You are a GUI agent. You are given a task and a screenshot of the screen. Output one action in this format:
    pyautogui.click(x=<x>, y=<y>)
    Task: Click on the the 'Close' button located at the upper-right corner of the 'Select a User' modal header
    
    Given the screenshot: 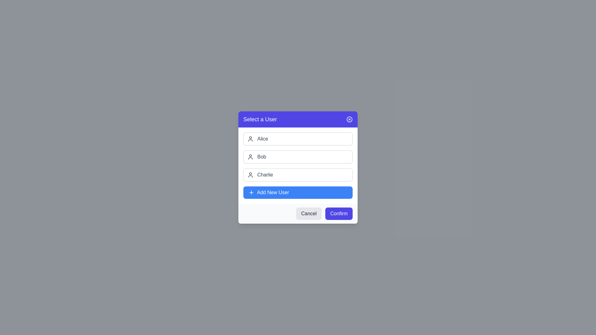 What is the action you would take?
    pyautogui.click(x=350, y=119)
    